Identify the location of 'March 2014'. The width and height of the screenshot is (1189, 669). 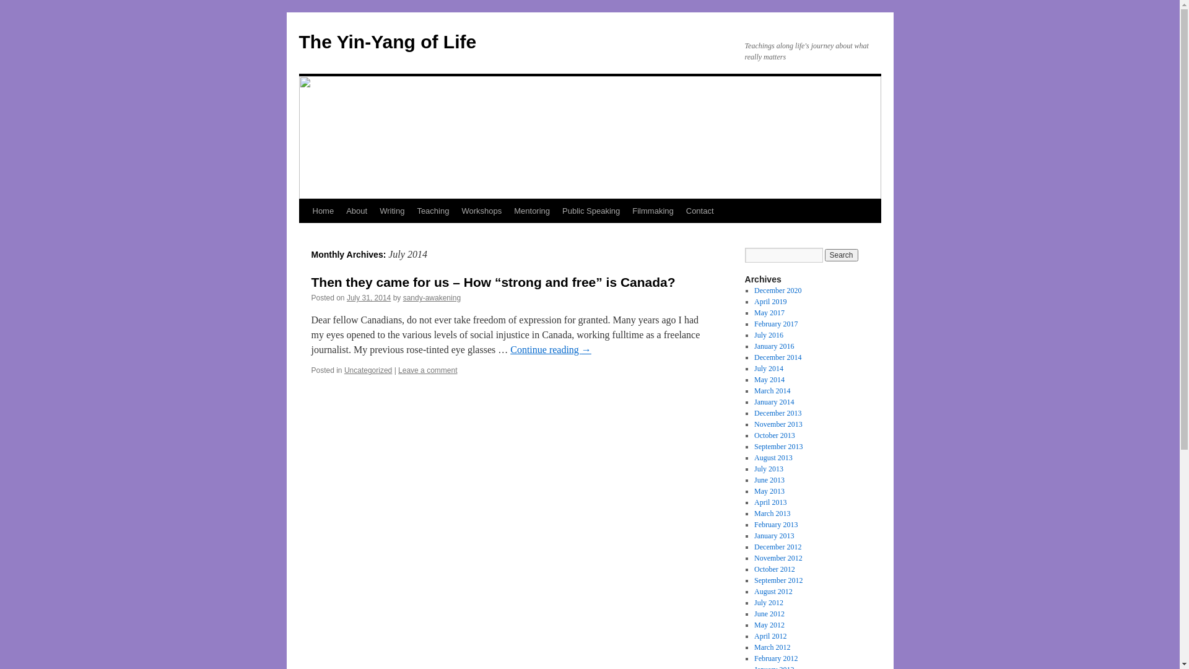
(772, 391).